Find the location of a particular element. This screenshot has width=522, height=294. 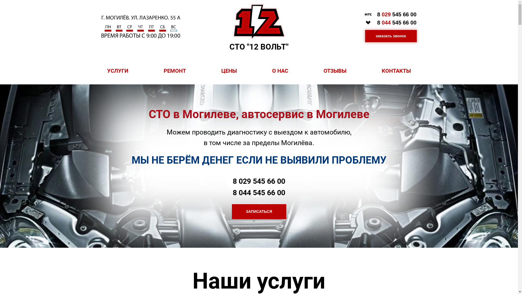

'044' is located at coordinates (386, 22).